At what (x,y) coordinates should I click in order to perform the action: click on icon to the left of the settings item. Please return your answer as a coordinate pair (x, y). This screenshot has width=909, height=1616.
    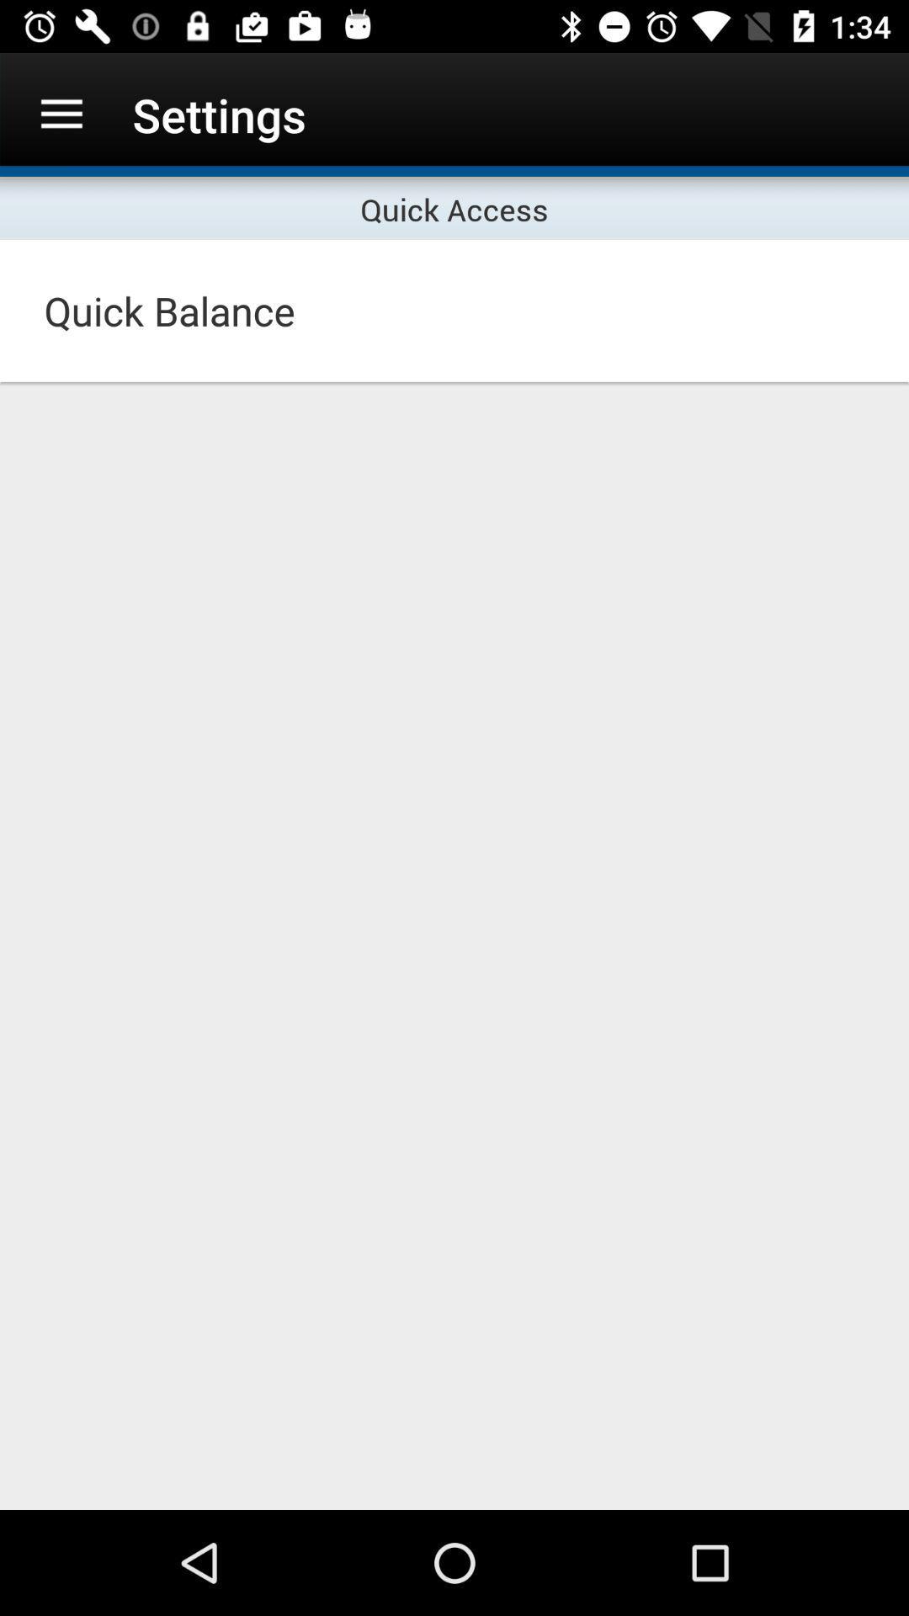
    Looking at the image, I should click on (61, 114).